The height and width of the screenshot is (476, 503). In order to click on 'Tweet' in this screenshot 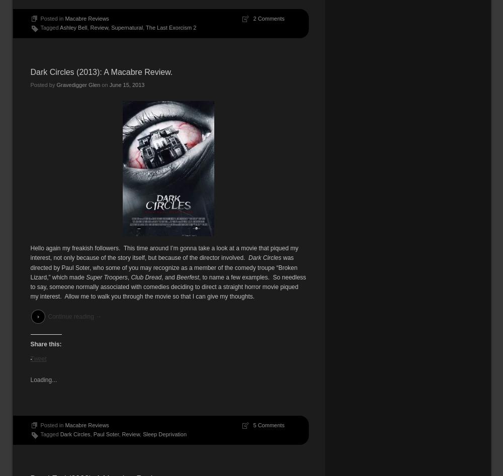, I will do `click(38, 357)`.